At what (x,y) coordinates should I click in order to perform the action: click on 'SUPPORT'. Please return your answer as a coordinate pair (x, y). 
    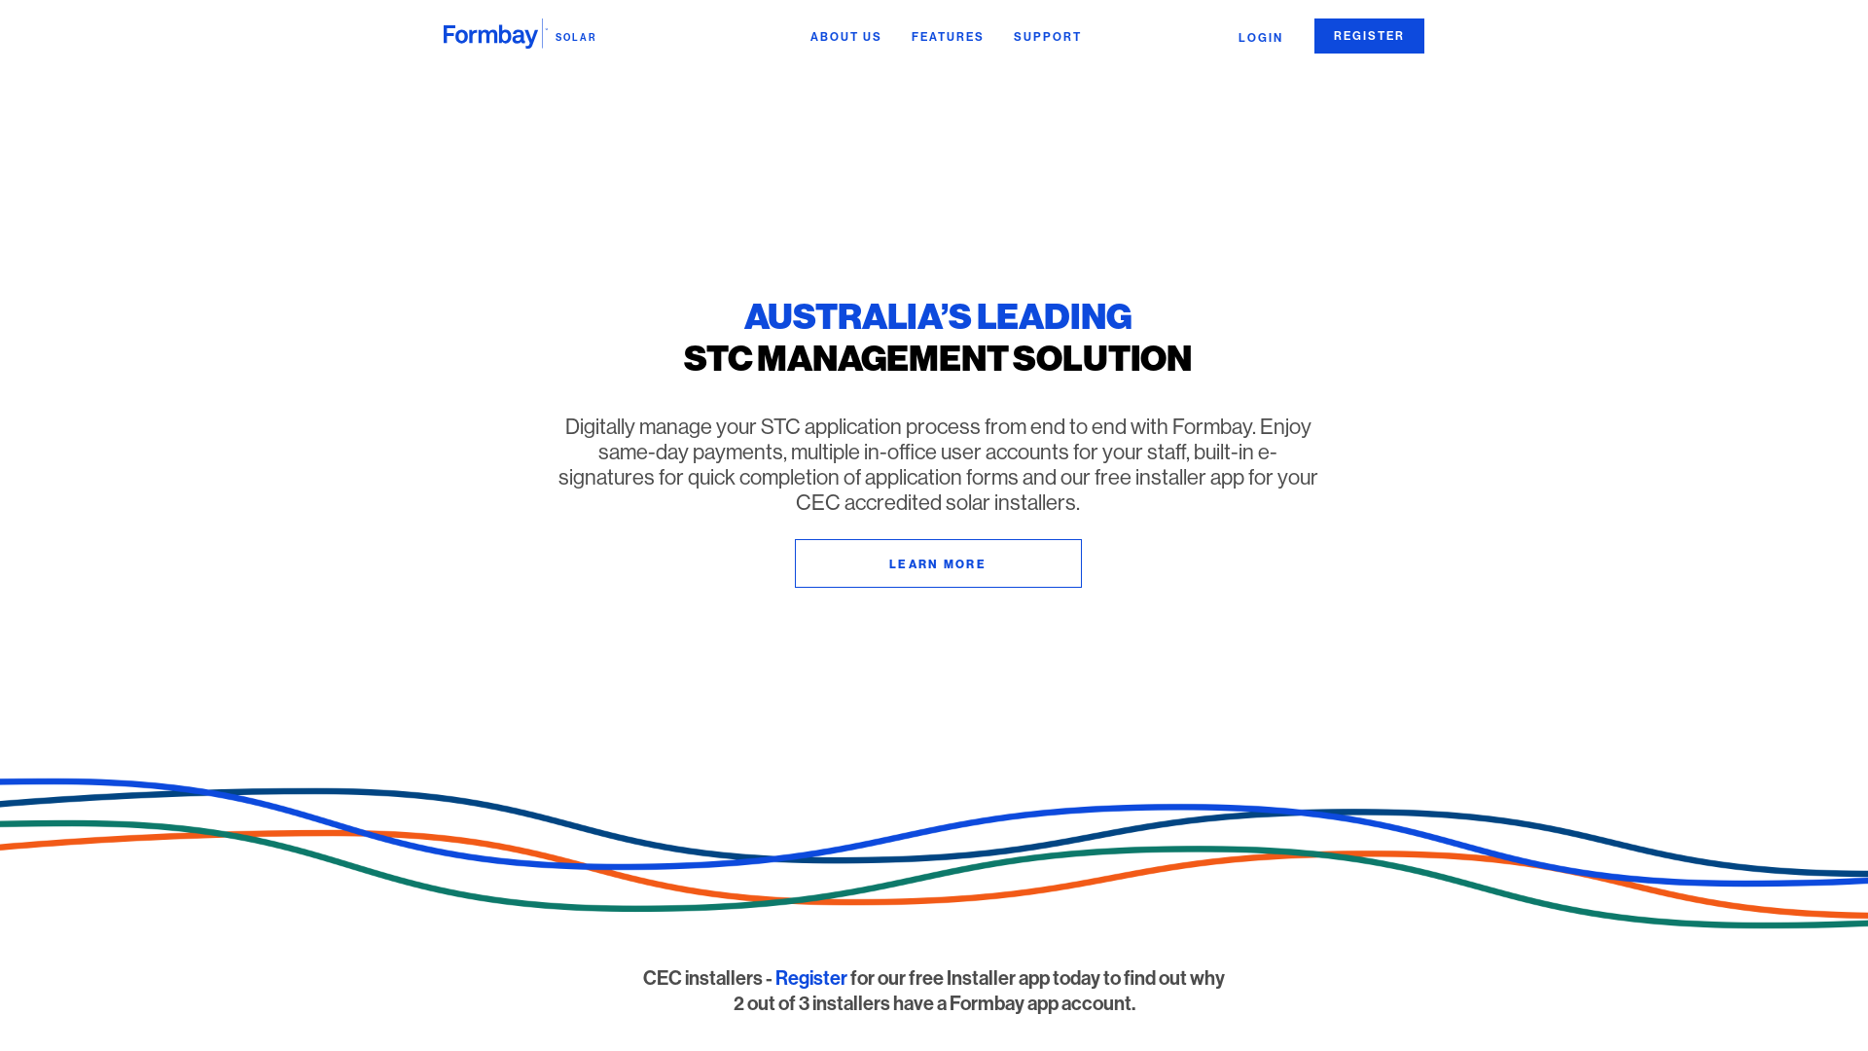
    Looking at the image, I should click on (1045, 37).